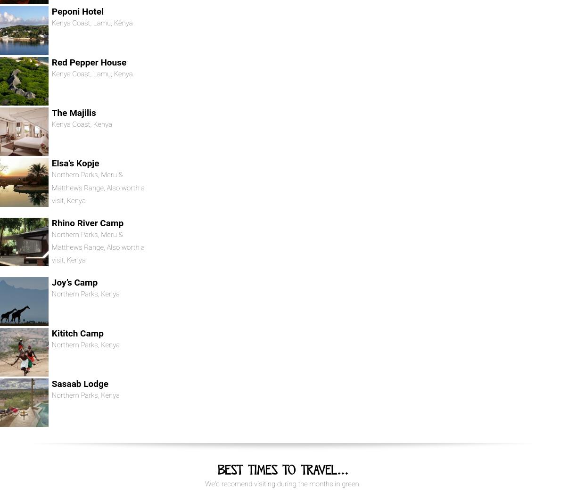 The image size is (568, 492). Describe the element at coordinates (74, 163) in the screenshot. I see `'Elsa’s Kopje'` at that location.